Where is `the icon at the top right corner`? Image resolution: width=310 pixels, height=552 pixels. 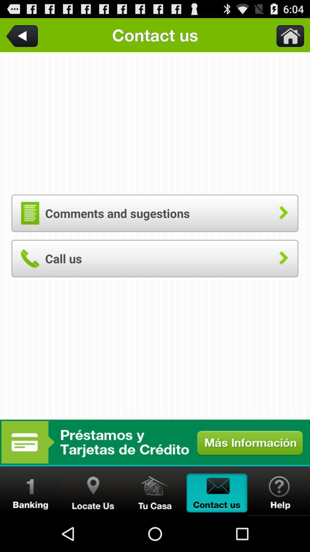
the icon at the top right corner is located at coordinates (287, 35).